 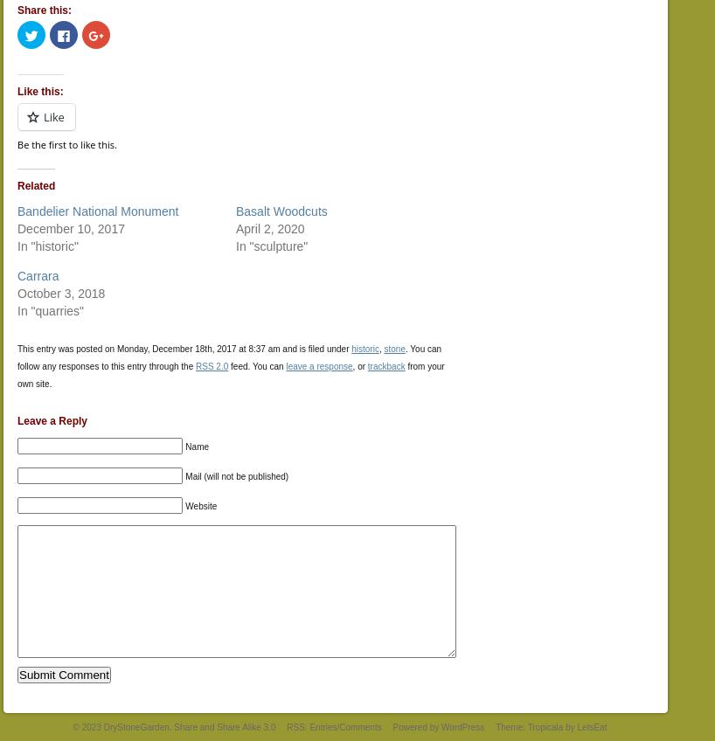 I want to click on '© 2023 DryStoneGarden. Share and Share Alike 3.0', so click(x=173, y=726).